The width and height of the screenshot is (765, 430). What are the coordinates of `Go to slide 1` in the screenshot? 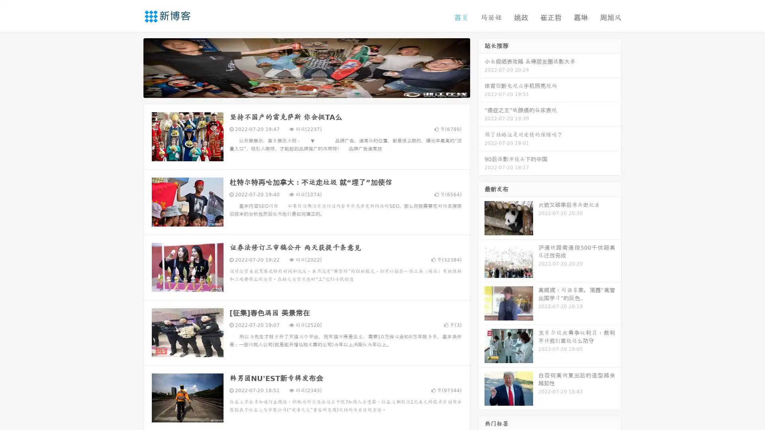 It's located at (298, 90).